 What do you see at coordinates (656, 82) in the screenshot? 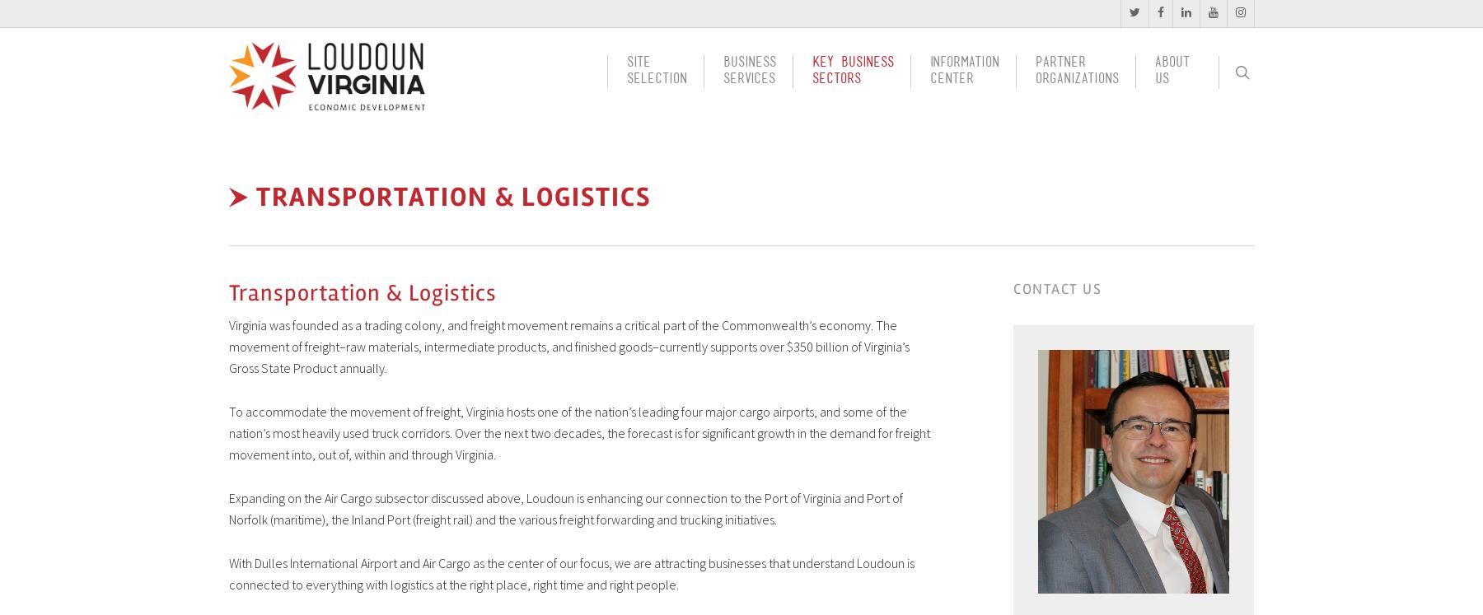
I see `'Selection'` at bounding box center [656, 82].